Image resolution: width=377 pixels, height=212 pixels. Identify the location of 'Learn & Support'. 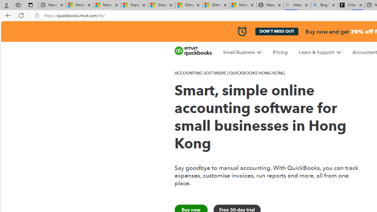
(320, 52).